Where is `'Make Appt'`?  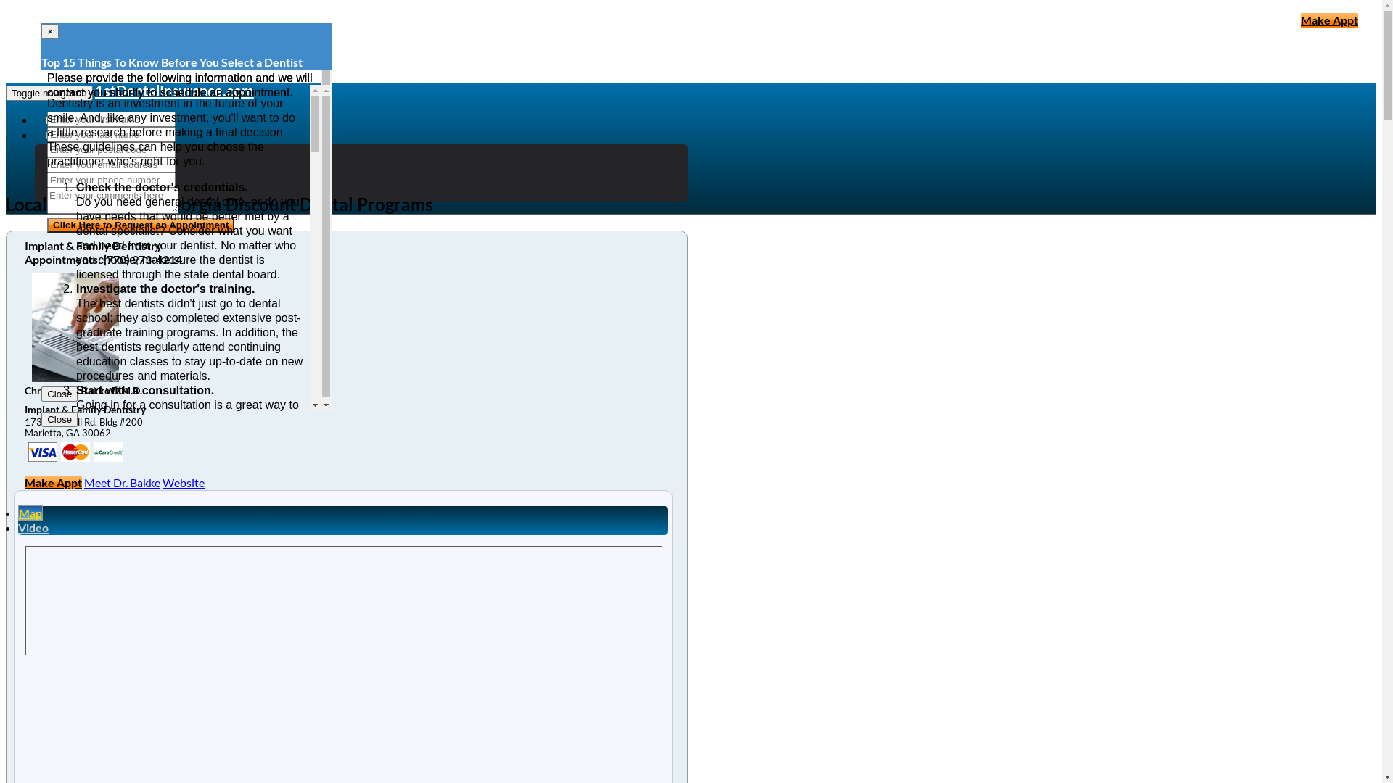
'Make Appt' is located at coordinates (53, 482).